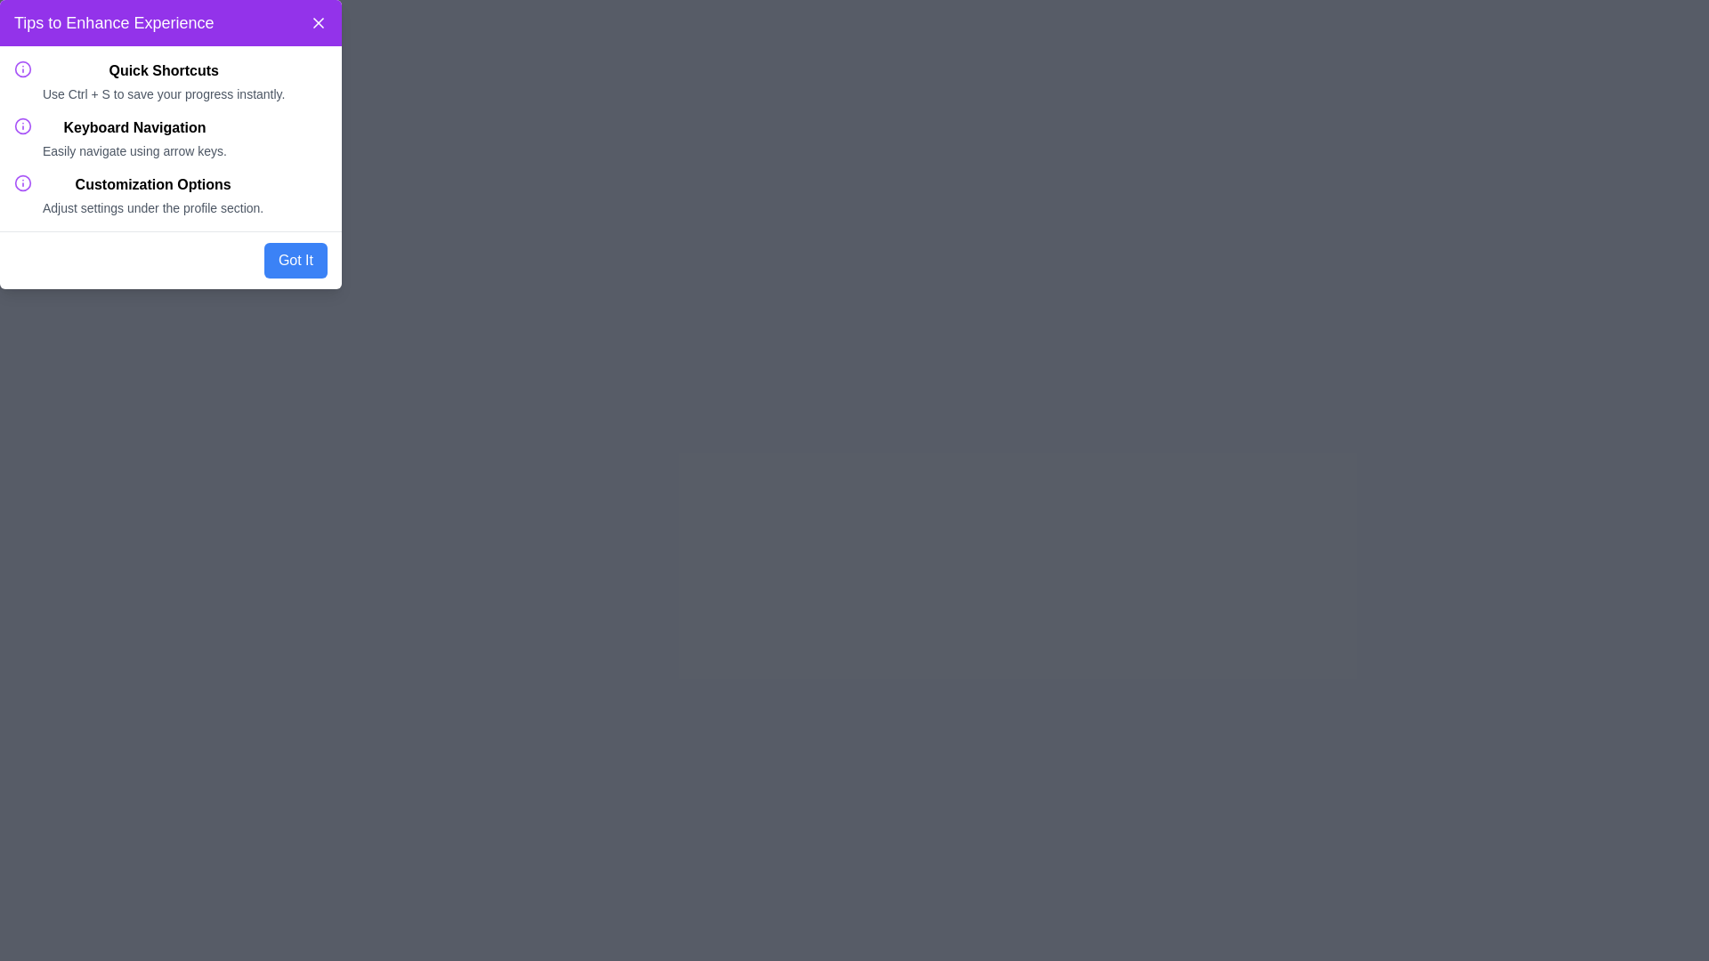  Describe the element at coordinates (171, 82) in the screenshot. I see `information block displaying 'Quick Shortcuts' and 'Use Ctrl + S to save your progress instantly' in the dialog box titled 'Tips to Enhance Experience'` at that location.